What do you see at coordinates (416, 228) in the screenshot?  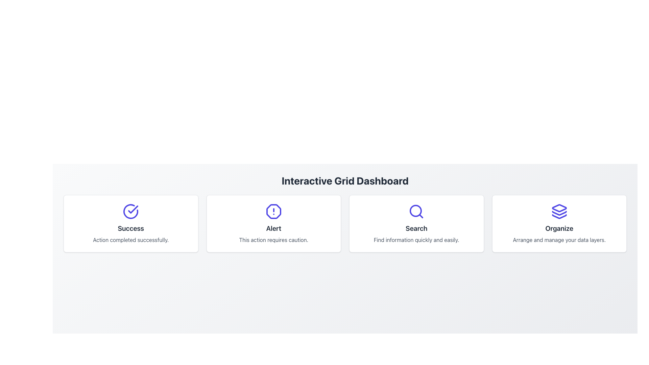 I see `the static text element labeled 'Search', which serves as the title for the card and is positioned in the second column of a four-column layout` at bounding box center [416, 228].